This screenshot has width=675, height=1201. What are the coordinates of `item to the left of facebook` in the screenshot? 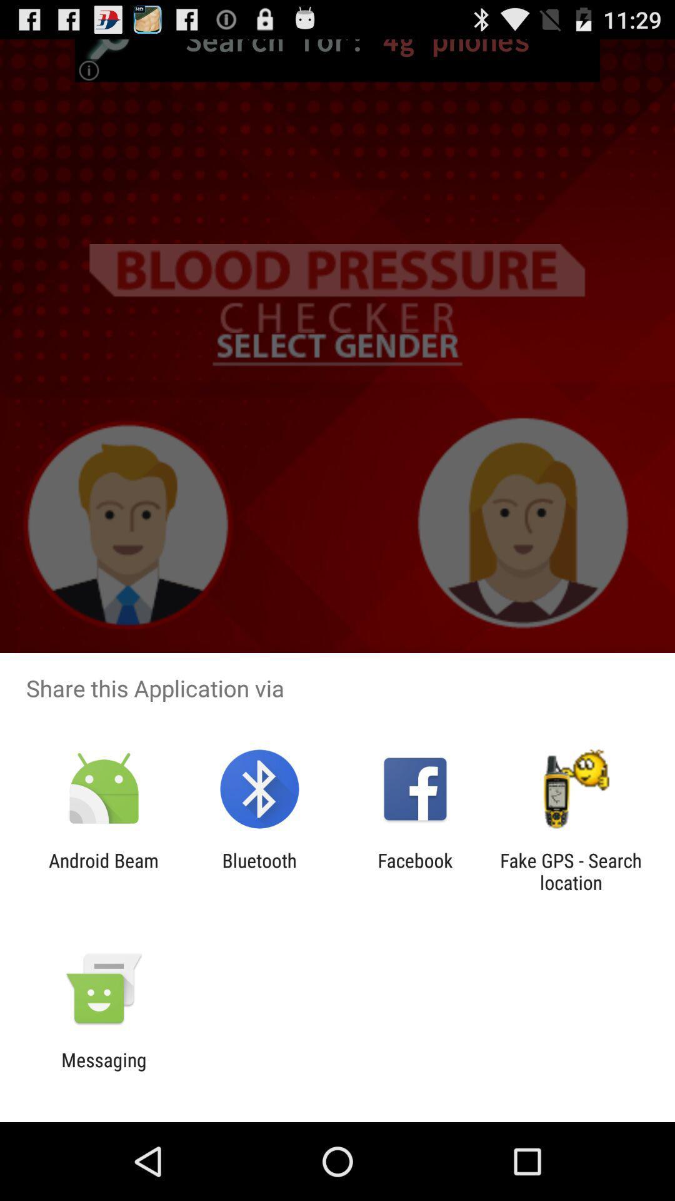 It's located at (259, 871).